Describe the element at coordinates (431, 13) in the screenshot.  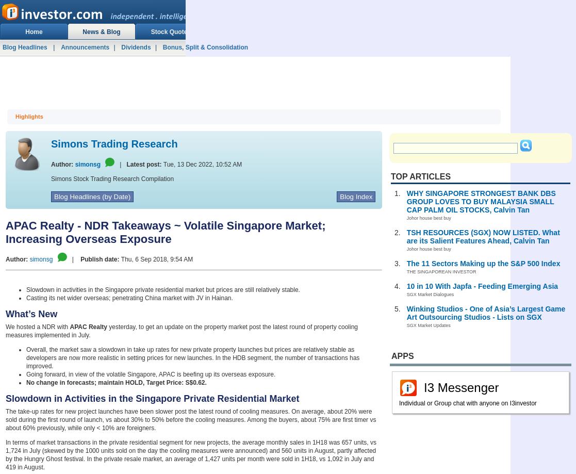
I see `'Sign In or Register (FREE)'` at that location.